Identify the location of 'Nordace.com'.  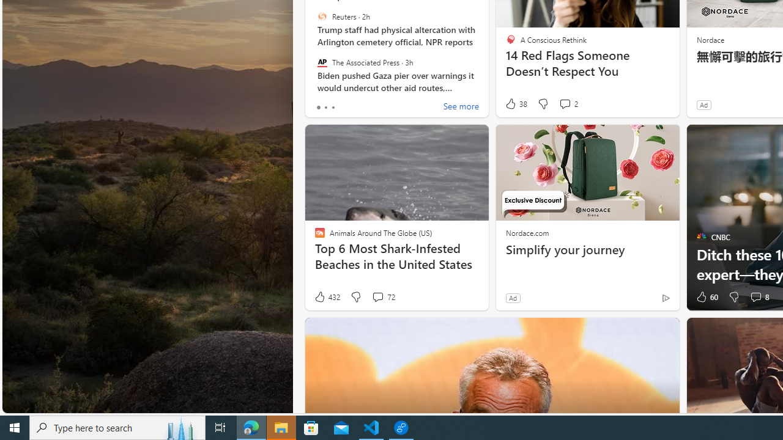
(527, 232).